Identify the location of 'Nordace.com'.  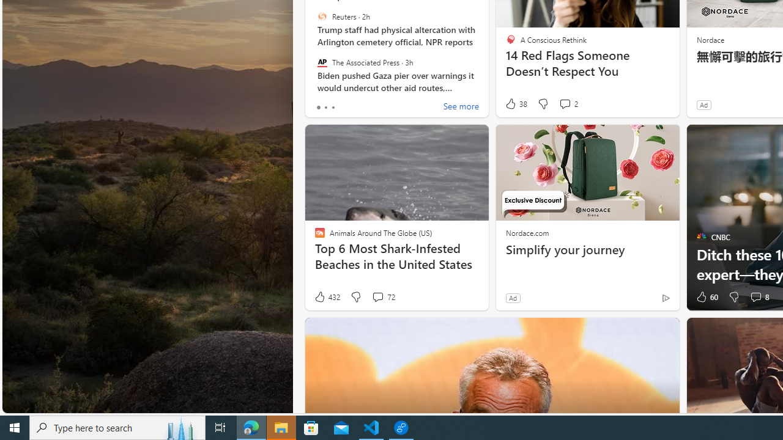
(527, 232).